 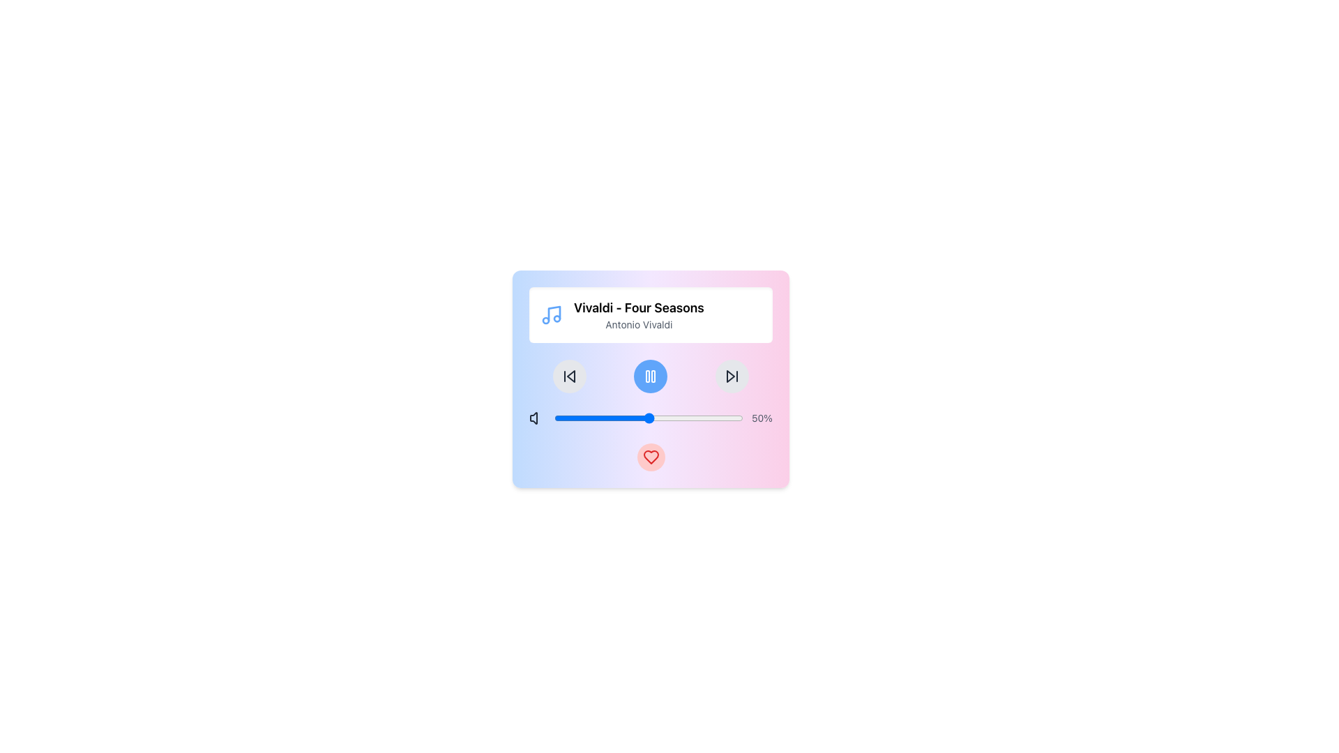 I want to click on the blue-colored musical note icon located to the left of the text 'Vivaldi - Four Seasons' in the top-left section of the user interface, so click(x=551, y=314).